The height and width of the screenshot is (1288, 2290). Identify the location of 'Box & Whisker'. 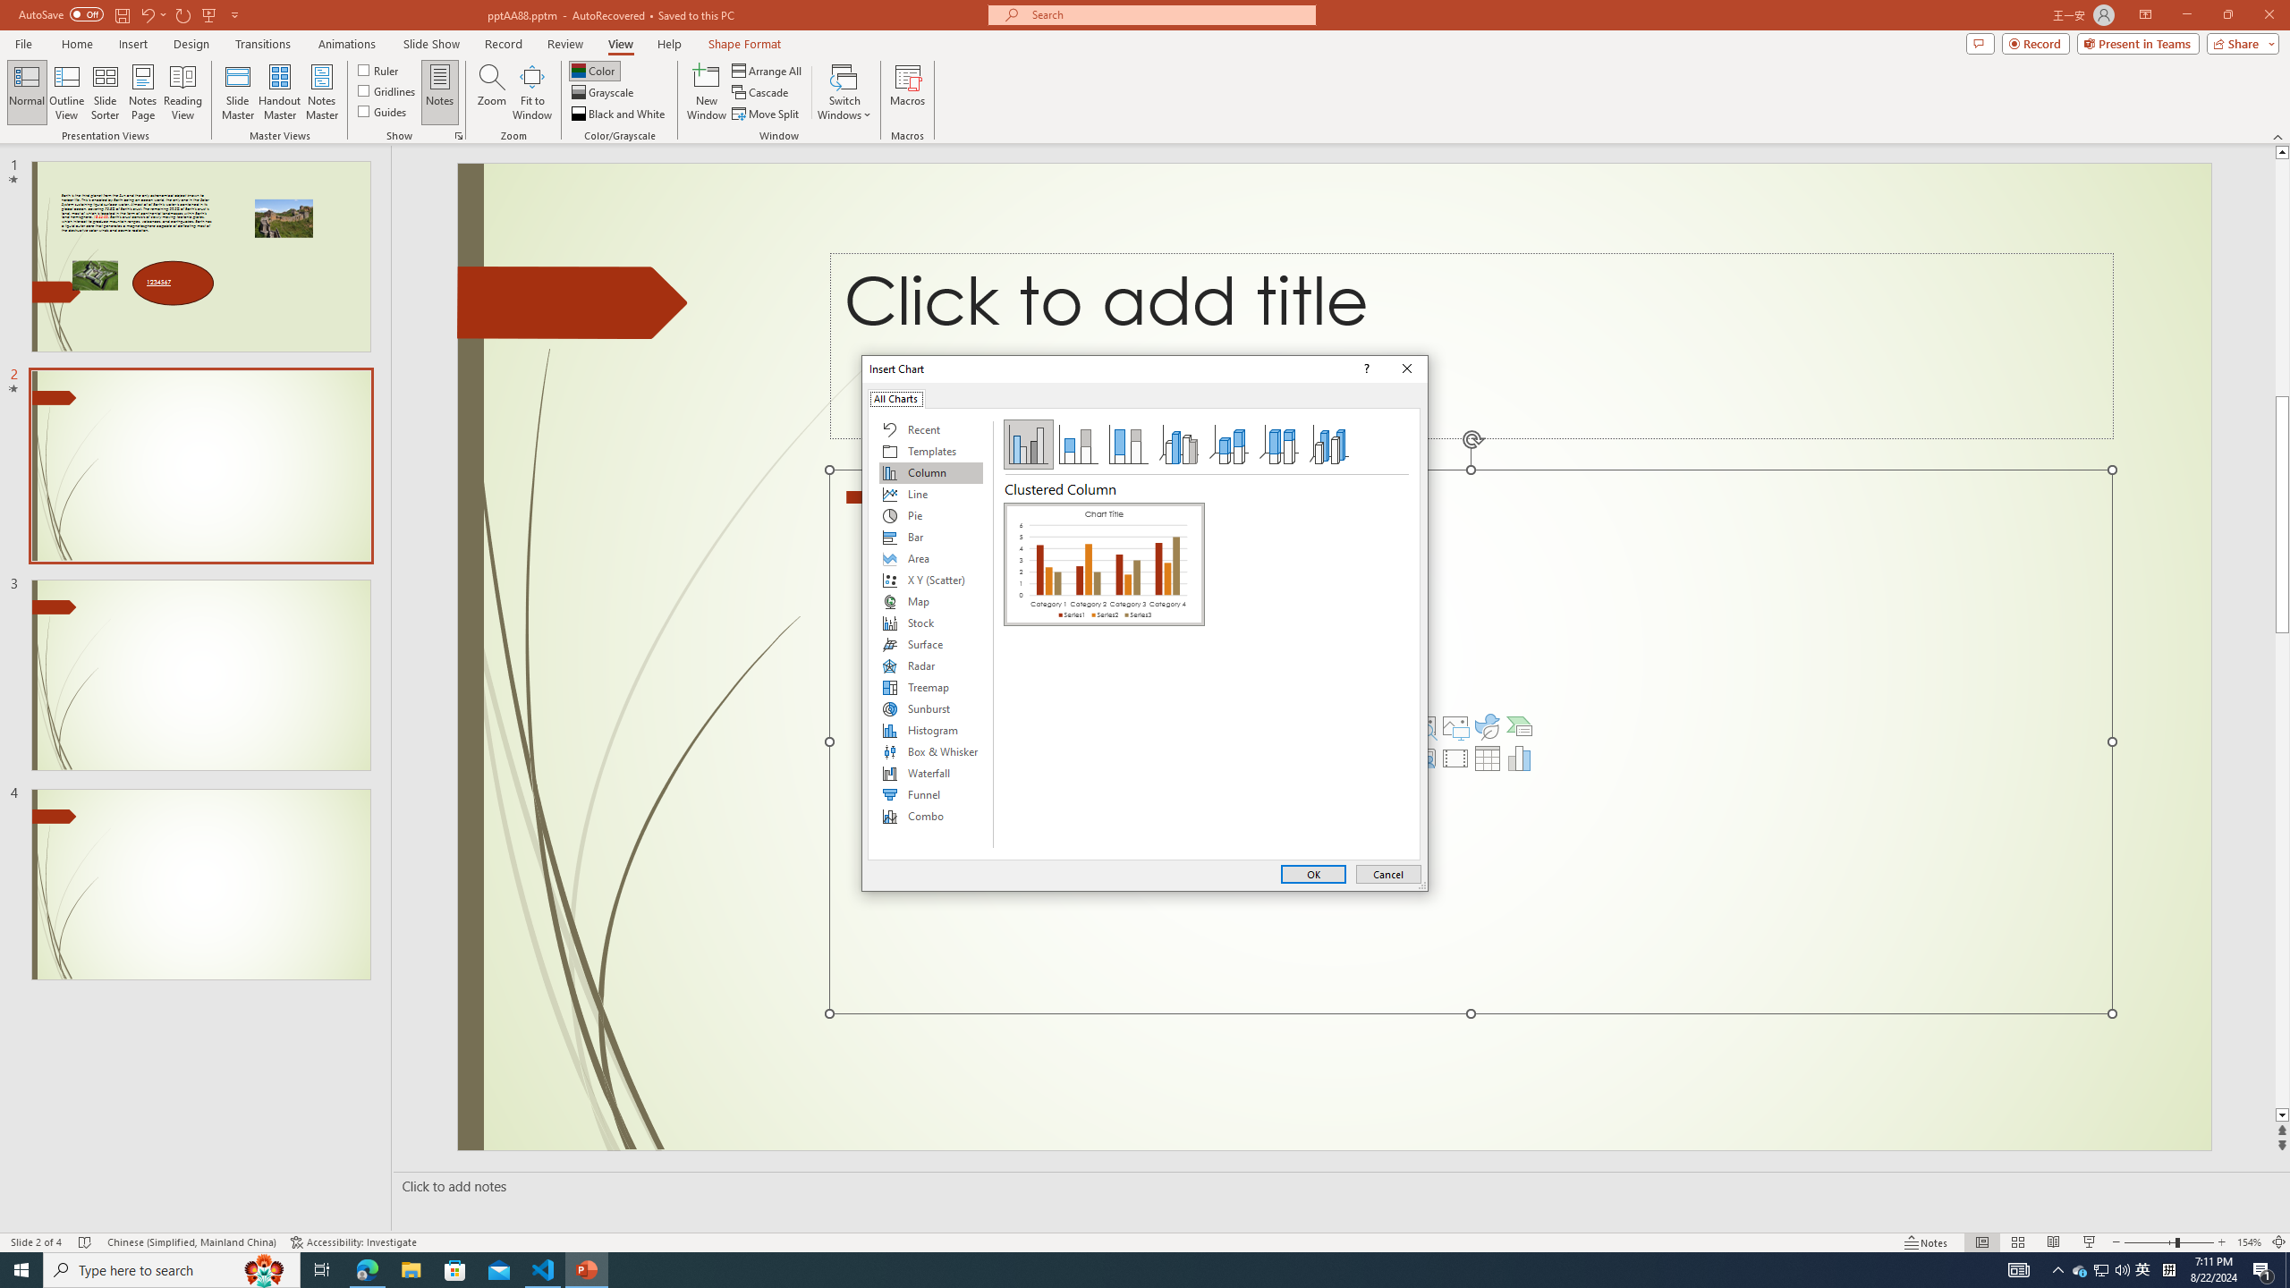
(929, 750).